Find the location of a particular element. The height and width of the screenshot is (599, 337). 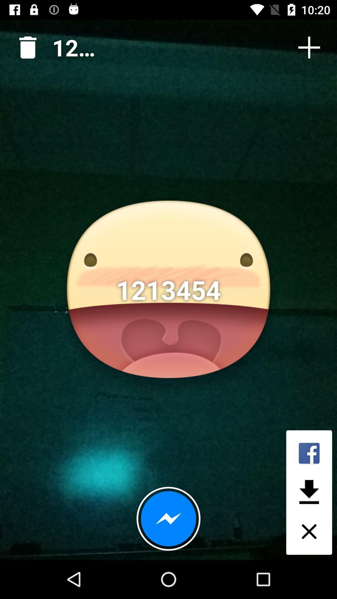

the file_download icon is located at coordinates (309, 492).